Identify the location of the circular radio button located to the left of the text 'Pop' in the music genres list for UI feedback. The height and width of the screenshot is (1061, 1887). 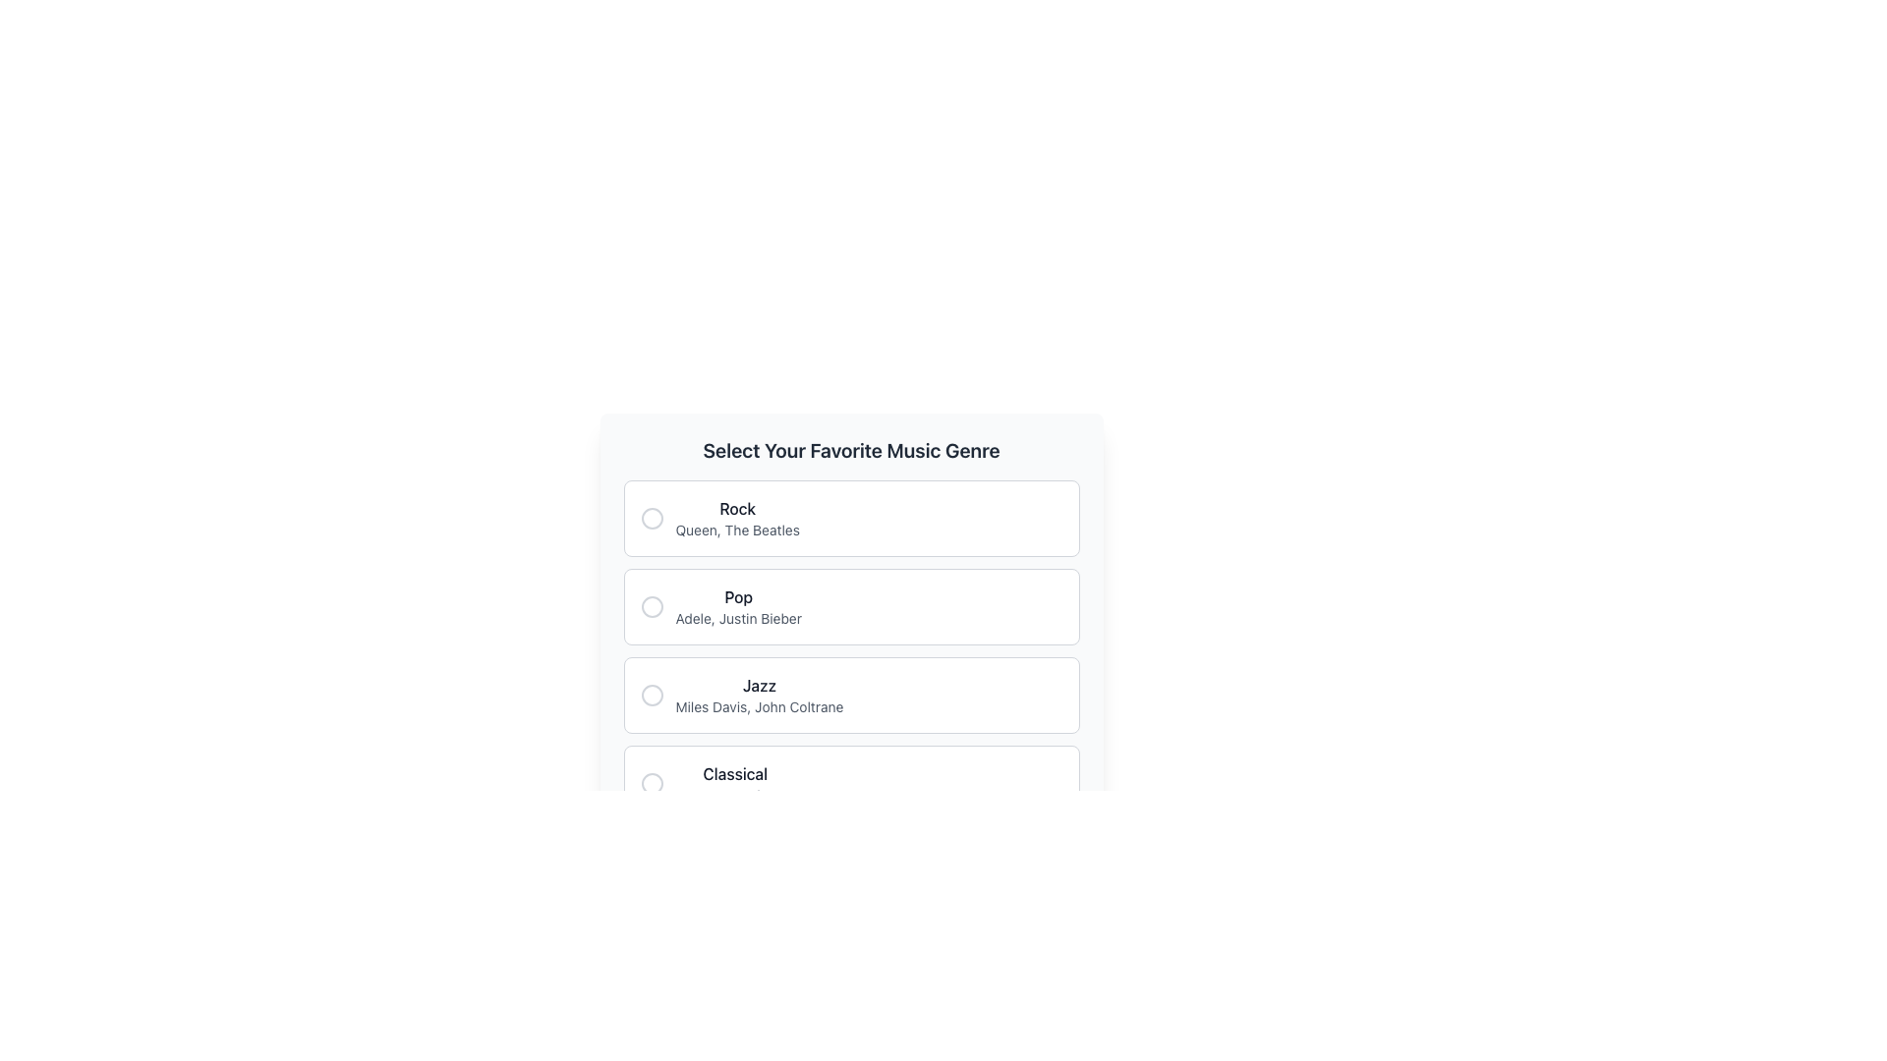
(652, 605).